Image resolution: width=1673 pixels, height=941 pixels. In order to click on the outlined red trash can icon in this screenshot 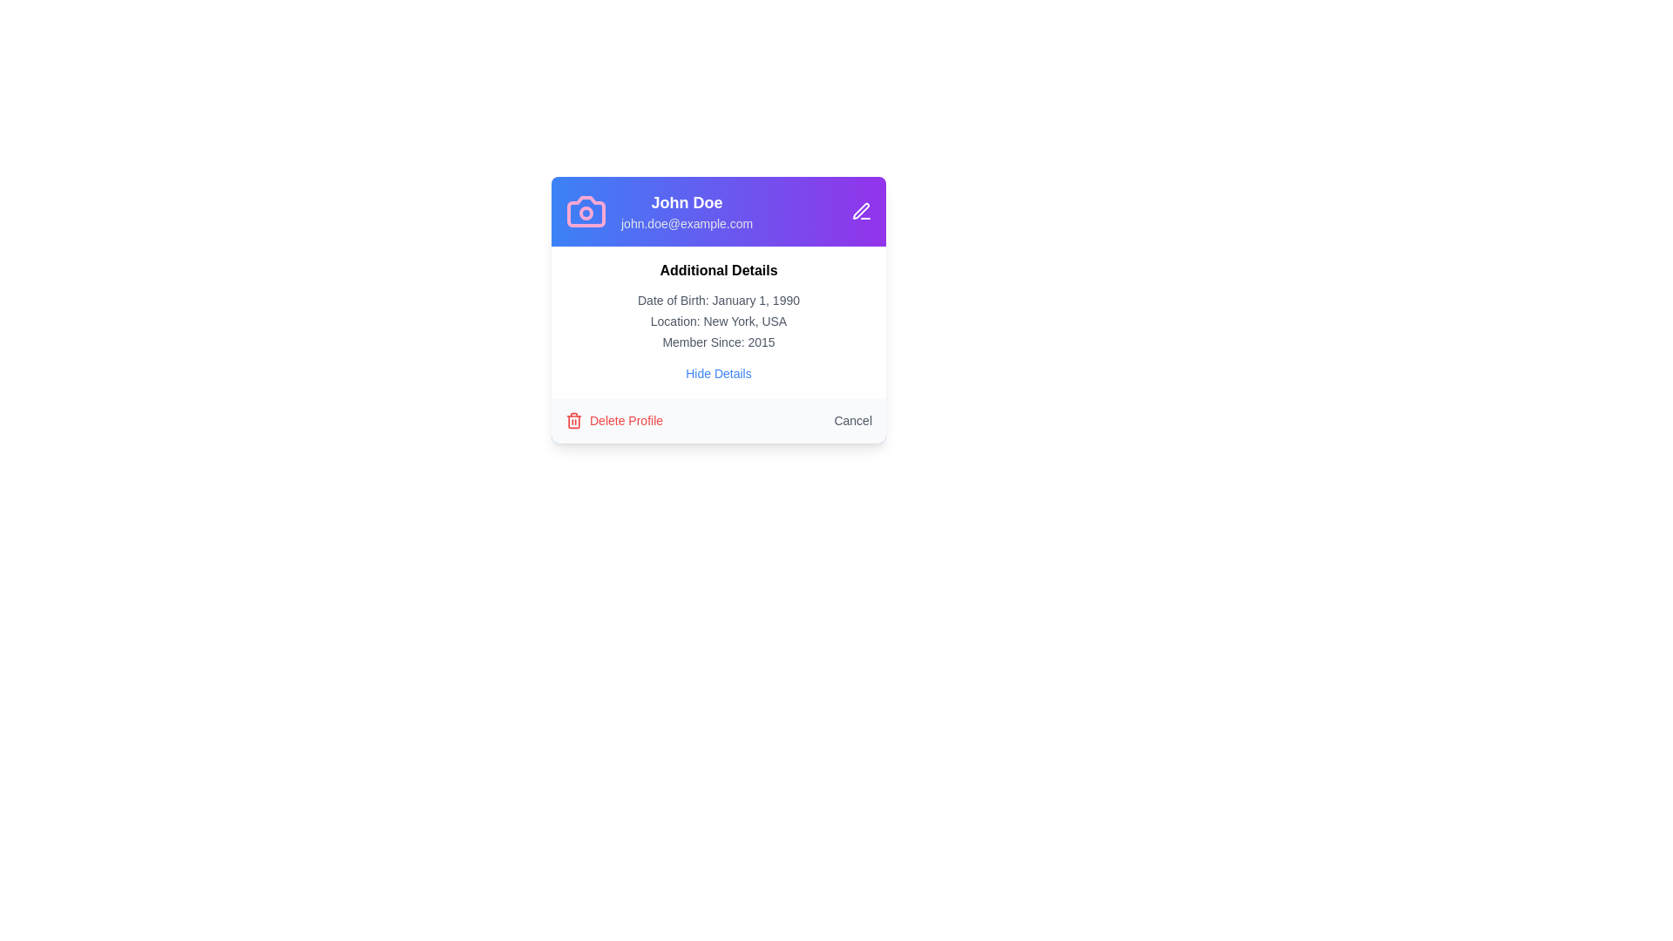, I will do `click(573, 420)`.